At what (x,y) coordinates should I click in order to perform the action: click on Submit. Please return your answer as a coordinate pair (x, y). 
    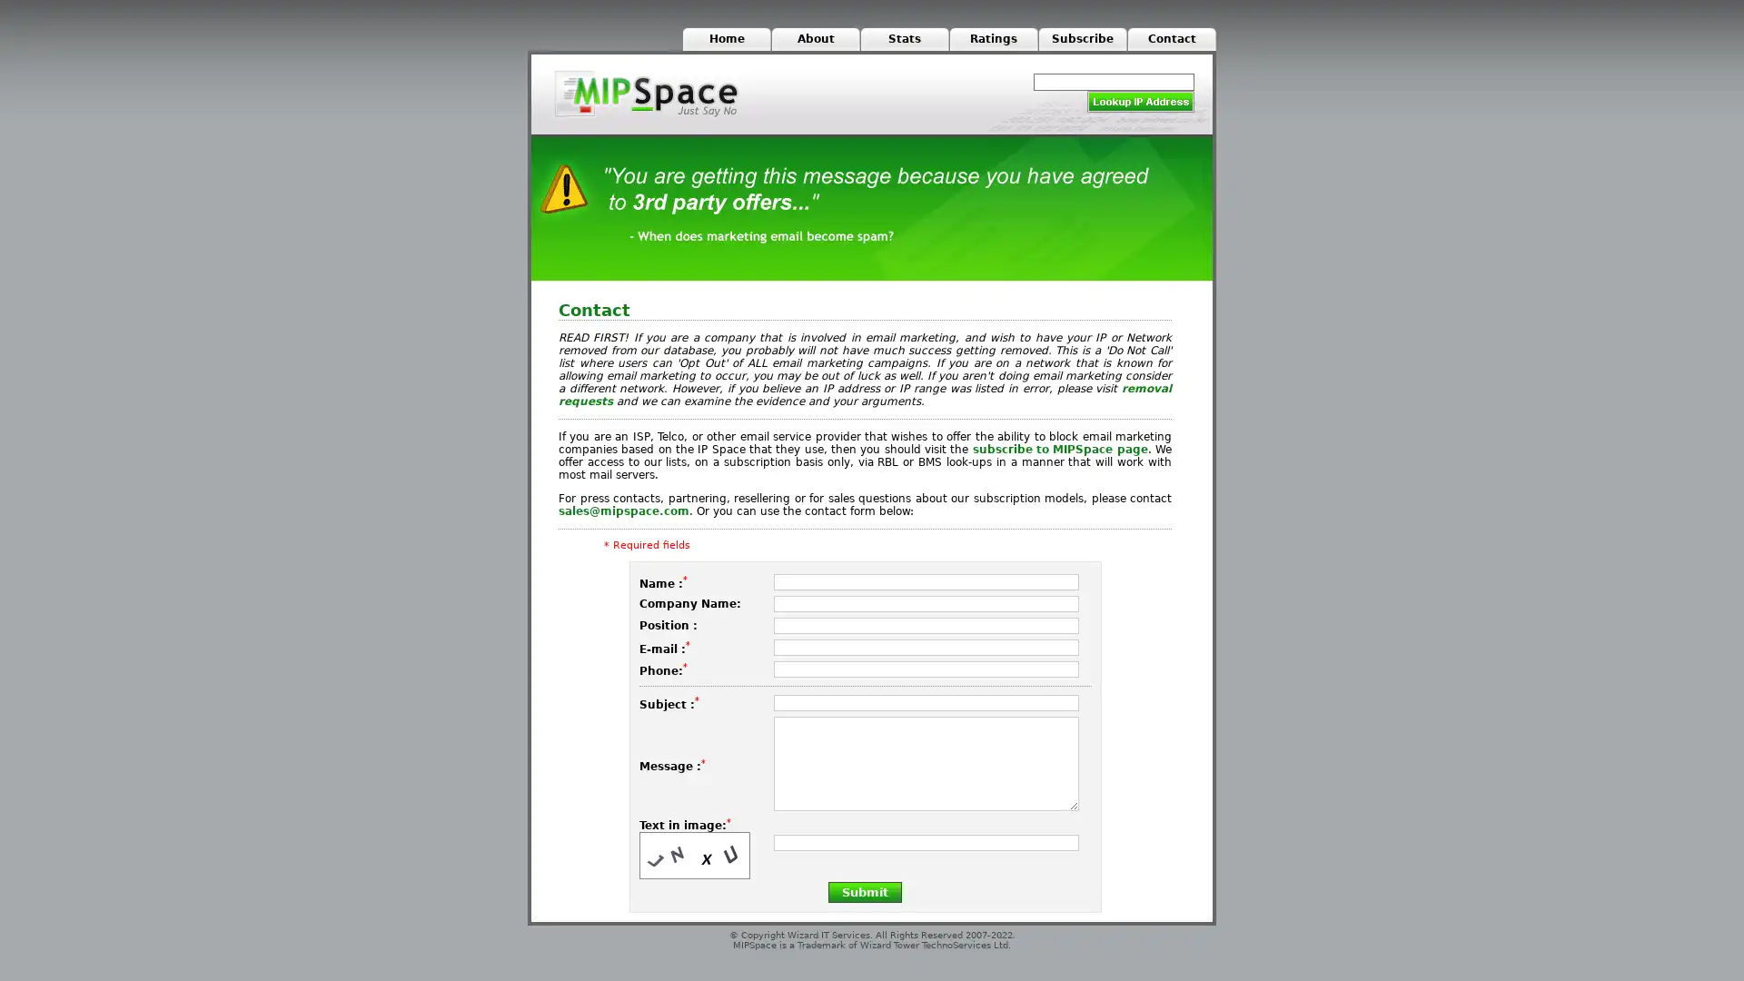
    Looking at the image, I should click on (864, 890).